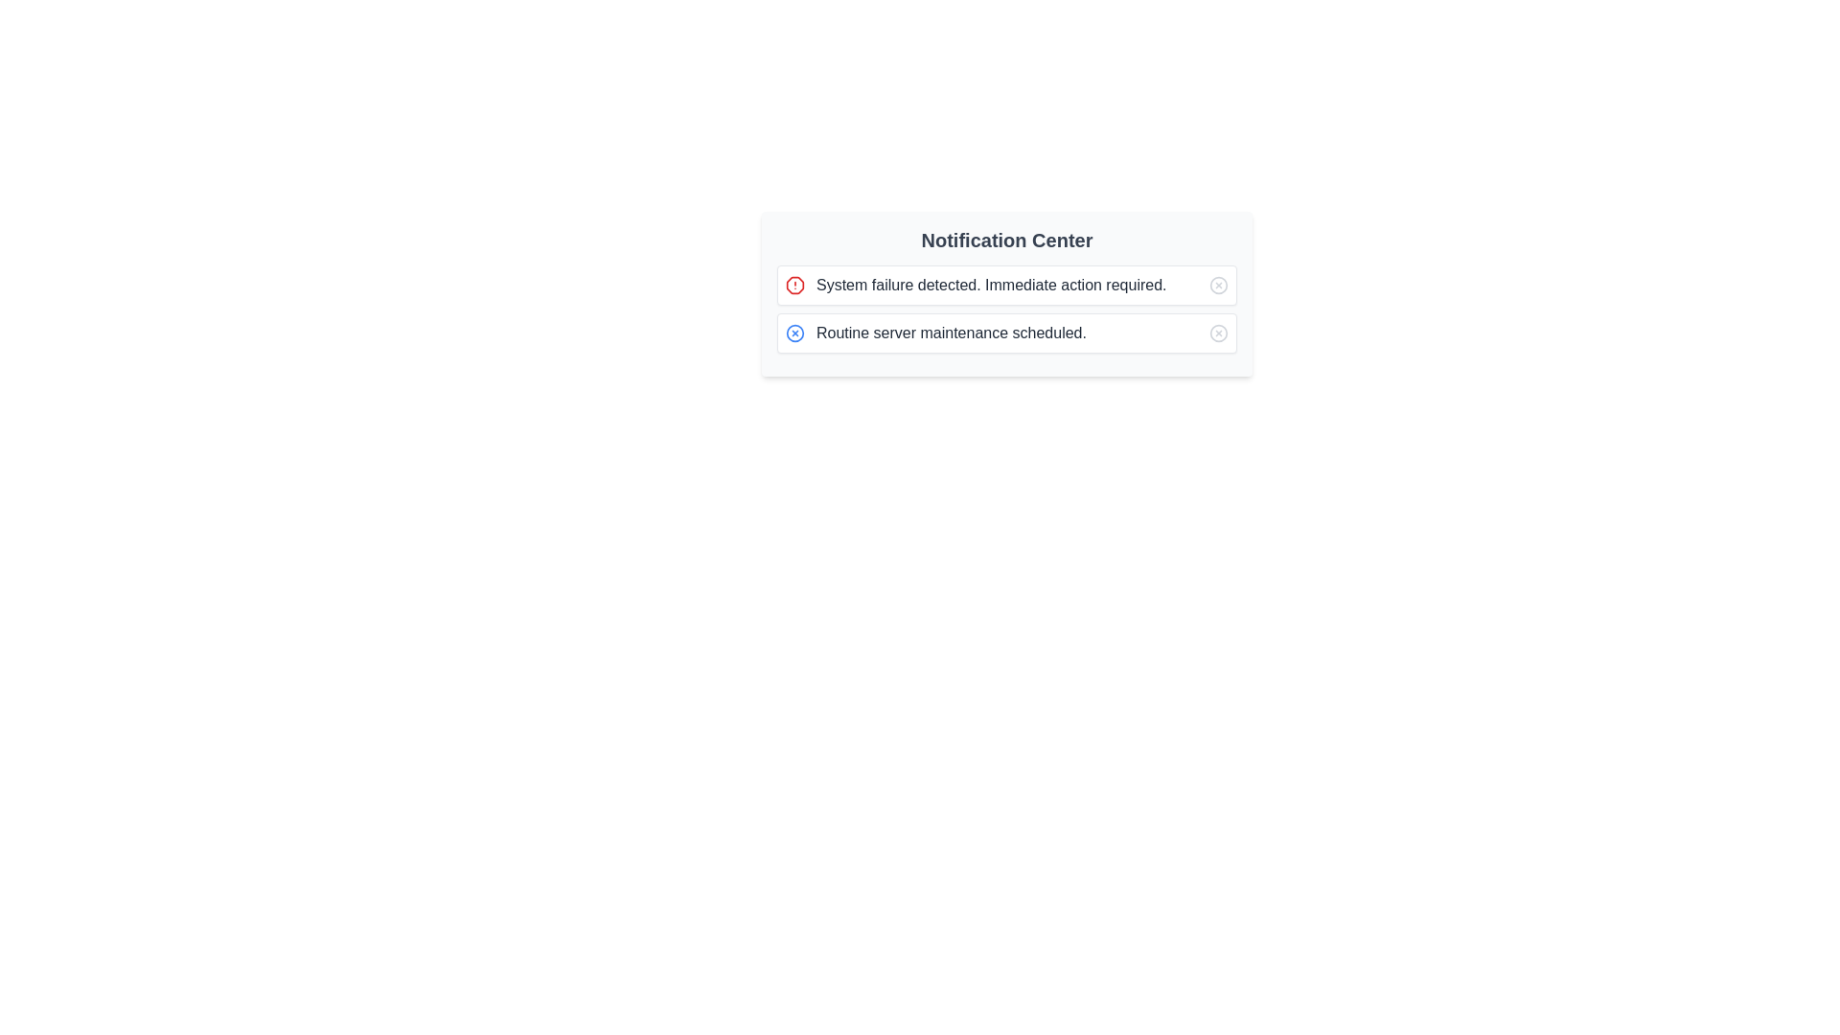 The height and width of the screenshot is (1035, 1840). Describe the element at coordinates (1218, 285) in the screenshot. I see `the graphical icon component located at the right end of the top notification row inside the notification center panel, which serves as a decorative or supporting element` at that location.